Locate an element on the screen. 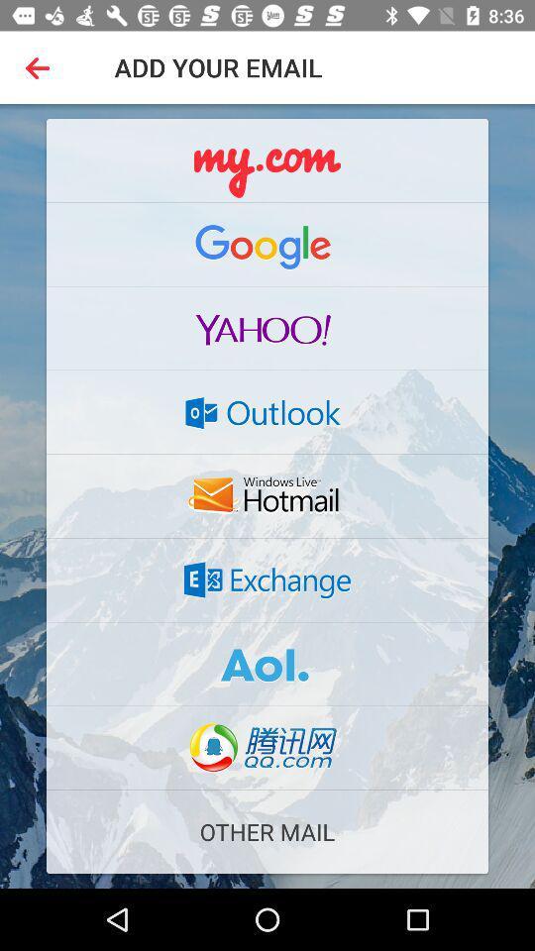  click the my.com is located at coordinates (267, 159).